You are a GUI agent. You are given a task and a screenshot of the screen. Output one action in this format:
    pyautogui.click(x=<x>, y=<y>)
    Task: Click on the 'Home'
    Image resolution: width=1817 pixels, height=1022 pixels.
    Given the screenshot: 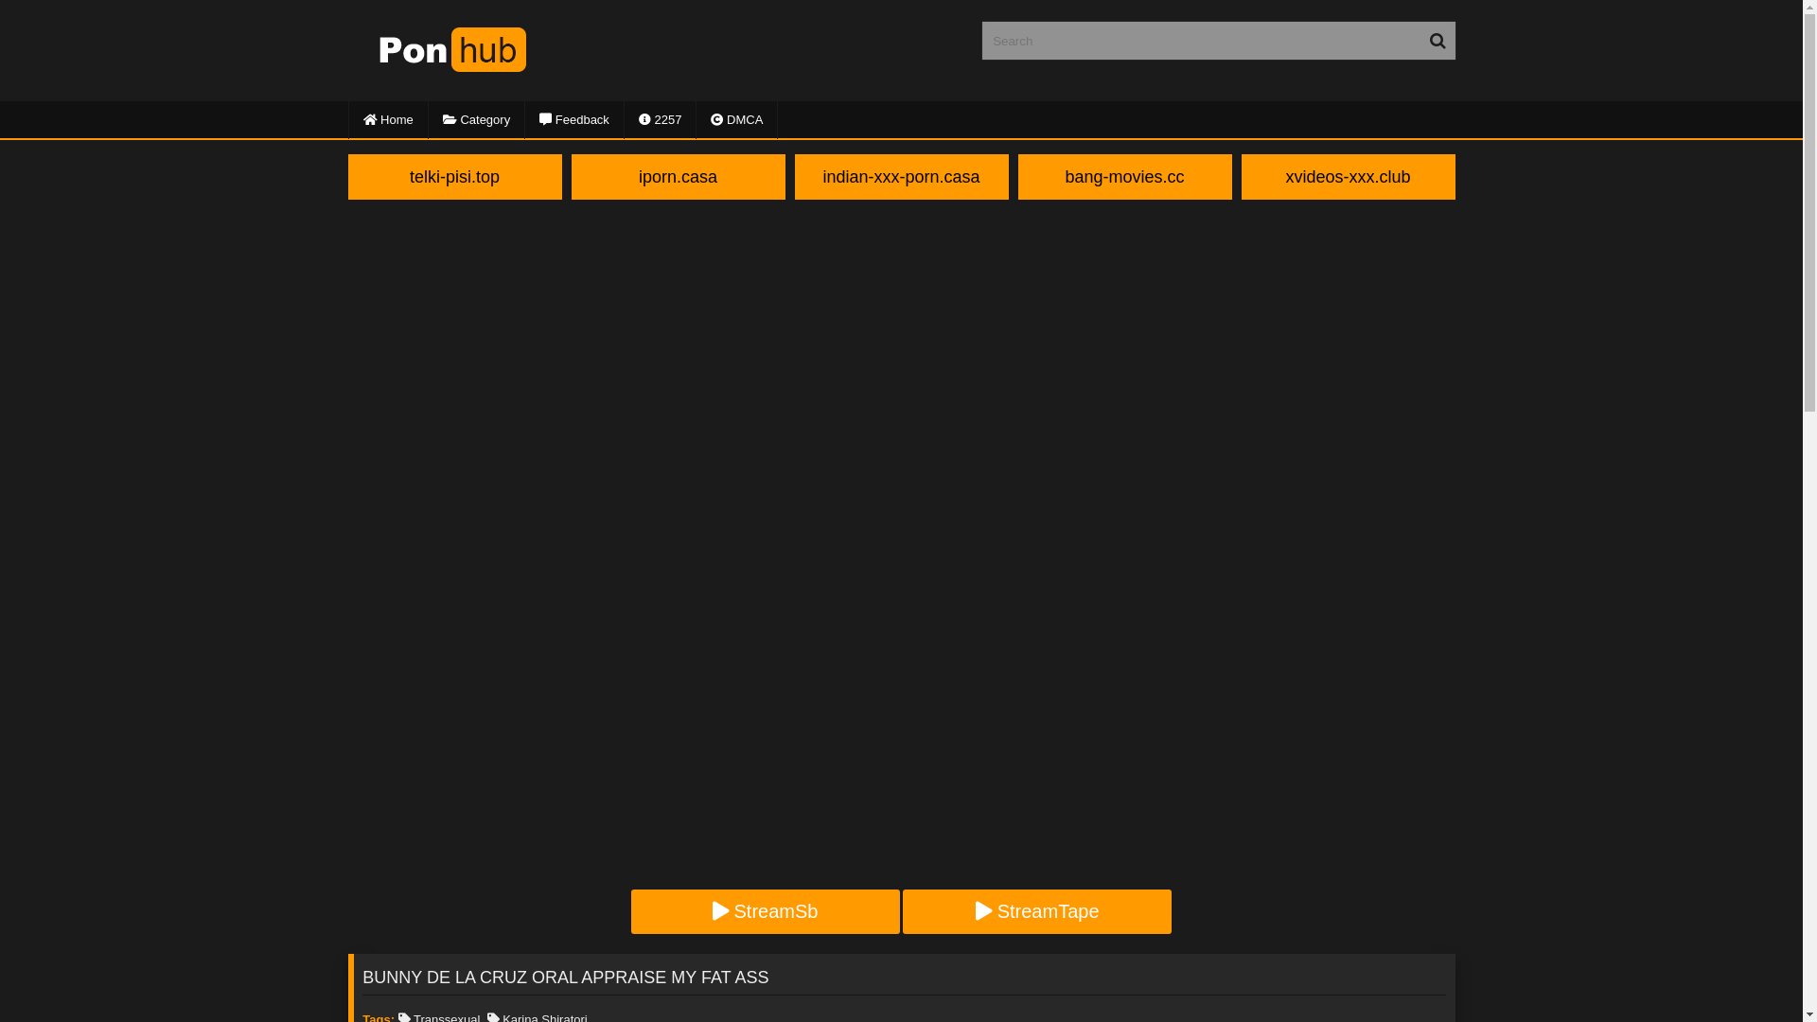 What is the action you would take?
    pyautogui.click(x=387, y=119)
    